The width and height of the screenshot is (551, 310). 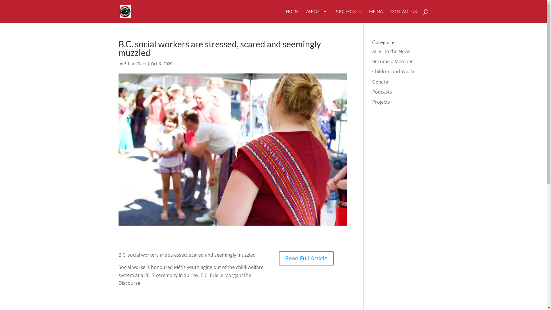 I want to click on 'PROJECTS', so click(x=347, y=16).